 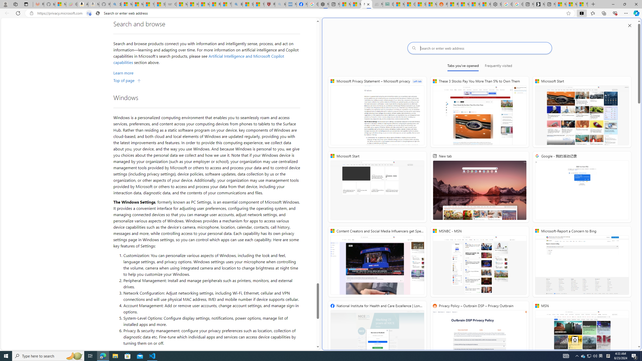 What do you see at coordinates (479, 112) in the screenshot?
I see `'These 3 Stocks Pay You More Than 5% to Own Them'` at bounding box center [479, 112].